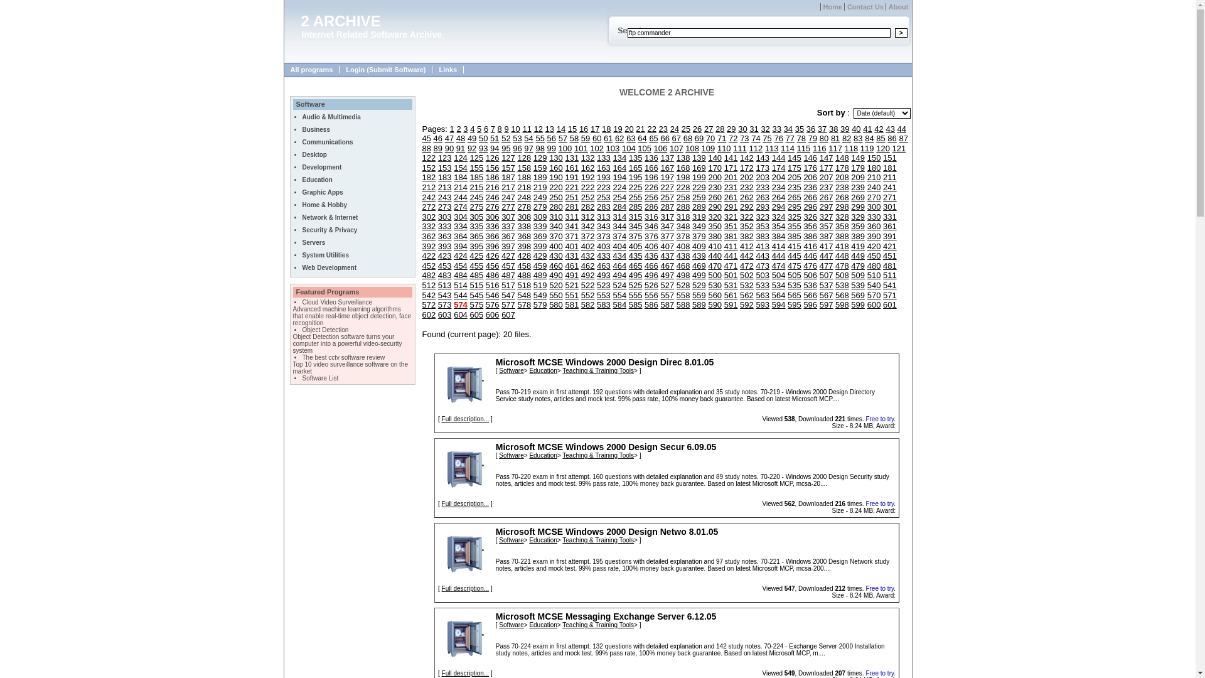  Describe the element at coordinates (320, 377) in the screenshot. I see `'Software List'` at that location.